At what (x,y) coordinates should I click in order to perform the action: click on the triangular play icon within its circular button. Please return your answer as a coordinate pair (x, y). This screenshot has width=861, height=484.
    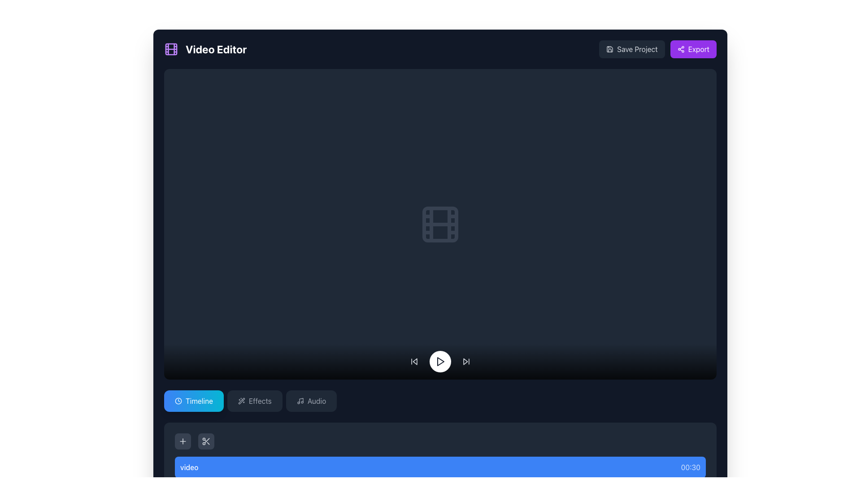
    Looking at the image, I should click on (440, 361).